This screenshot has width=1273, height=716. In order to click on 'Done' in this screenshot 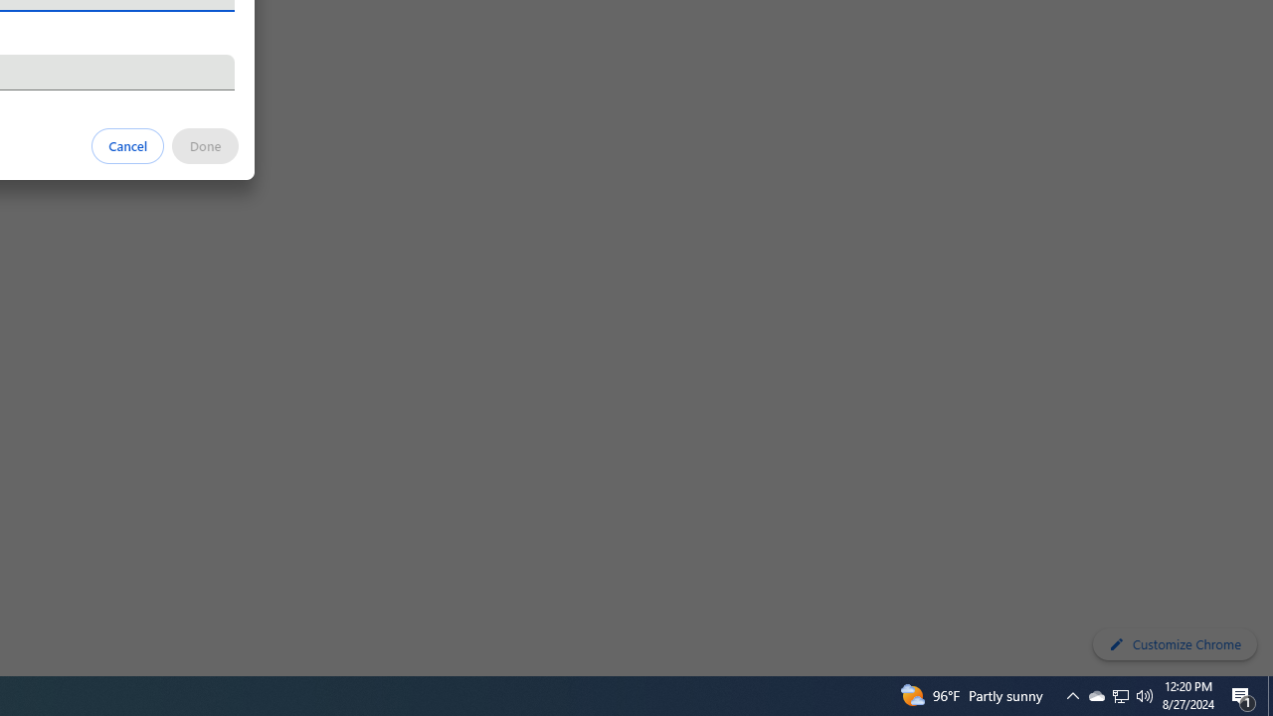, I will do `click(205, 144)`.